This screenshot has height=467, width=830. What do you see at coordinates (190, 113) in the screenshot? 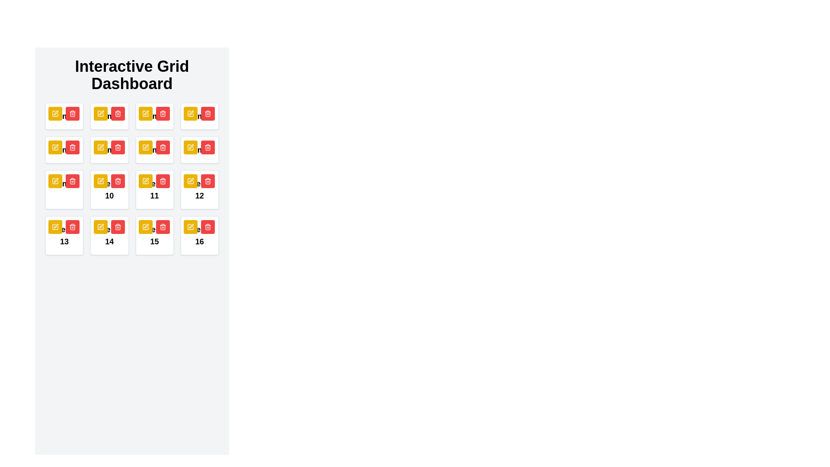
I see `the leftmost smaller icon within the top row of the interactive grid dashboard to observe tooltips or visual hints` at bounding box center [190, 113].